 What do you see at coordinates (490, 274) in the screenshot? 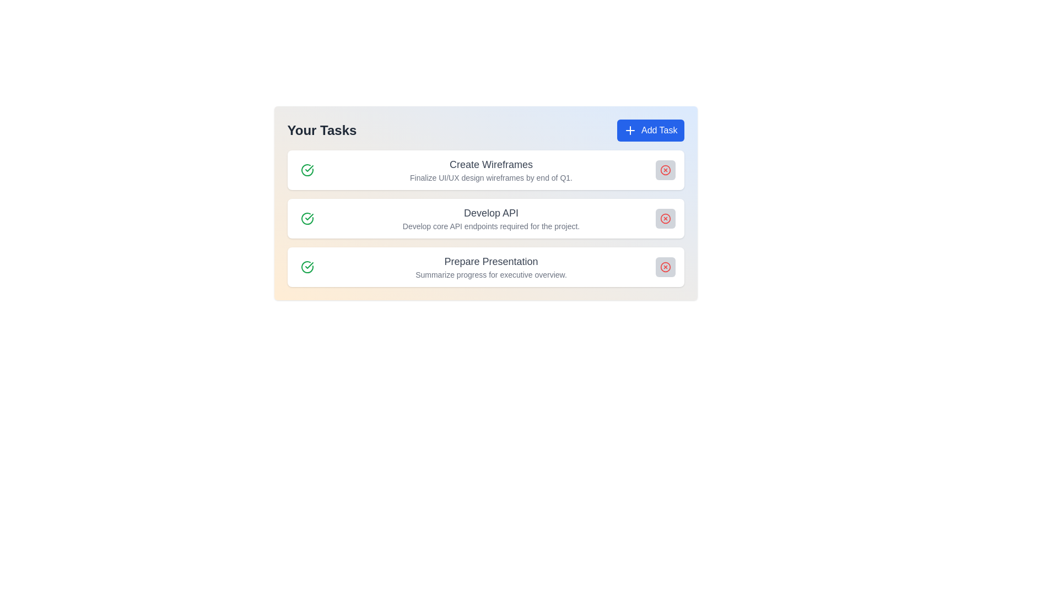
I see `the static text providing additional details about the task 'Prepare Presentation' located below the title within the third task card` at bounding box center [490, 274].